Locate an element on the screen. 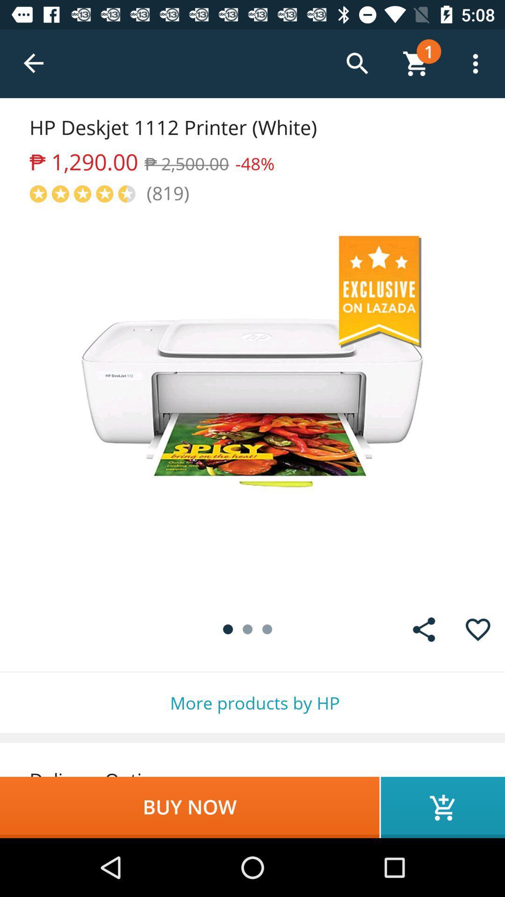  enlarge image is located at coordinates (252, 404).